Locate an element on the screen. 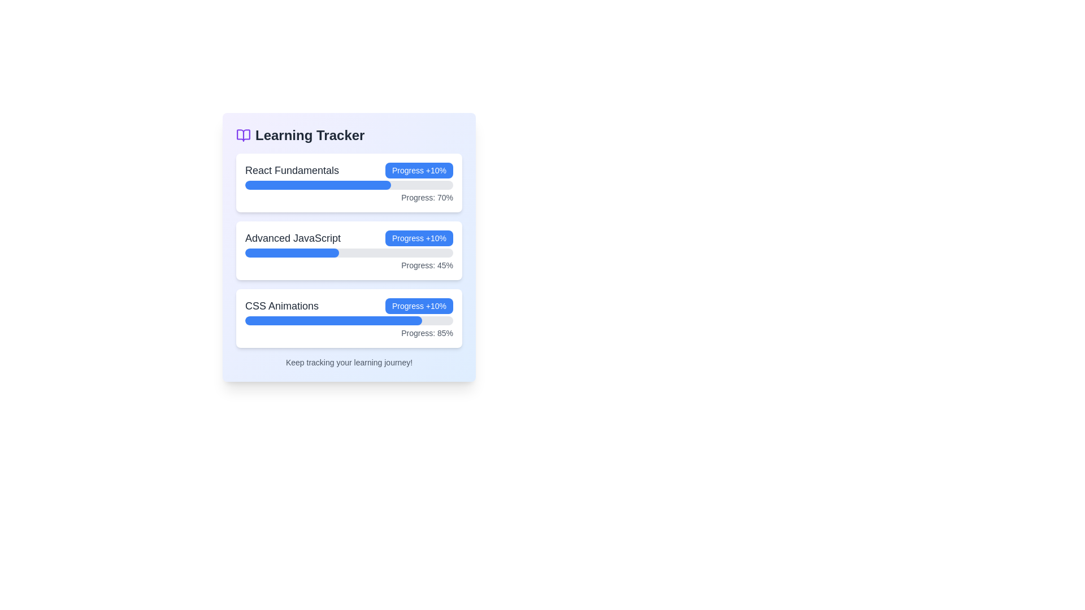 The image size is (1085, 610). the progress tracker for the 'Advanced JavaScript' course, which is the second card in the 'Learning Tracker' section, positioned between 'React Fundamentals' and 'CSS Animations' is located at coordinates (349, 237).